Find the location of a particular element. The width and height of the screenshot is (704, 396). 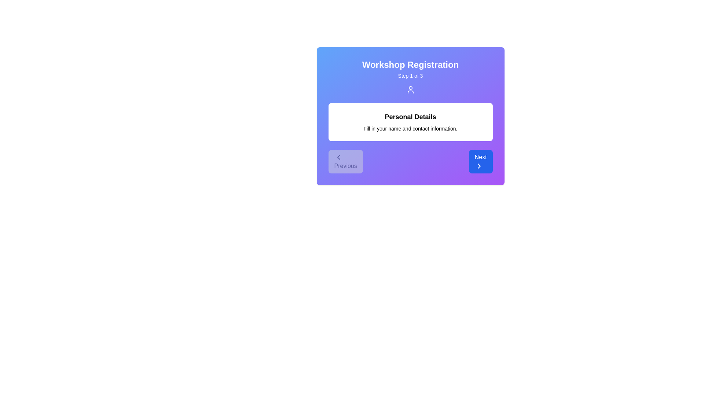

the decorative or informative icon located below 'Workshop Registration' and 'Step 1 of 3', and above 'Personal Details' is located at coordinates (410, 89).